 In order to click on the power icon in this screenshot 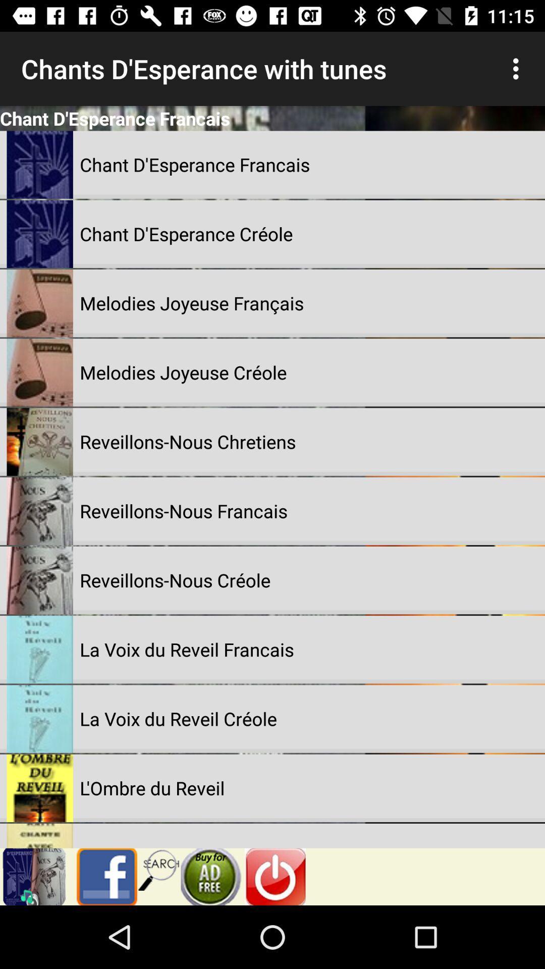, I will do `click(275, 876)`.